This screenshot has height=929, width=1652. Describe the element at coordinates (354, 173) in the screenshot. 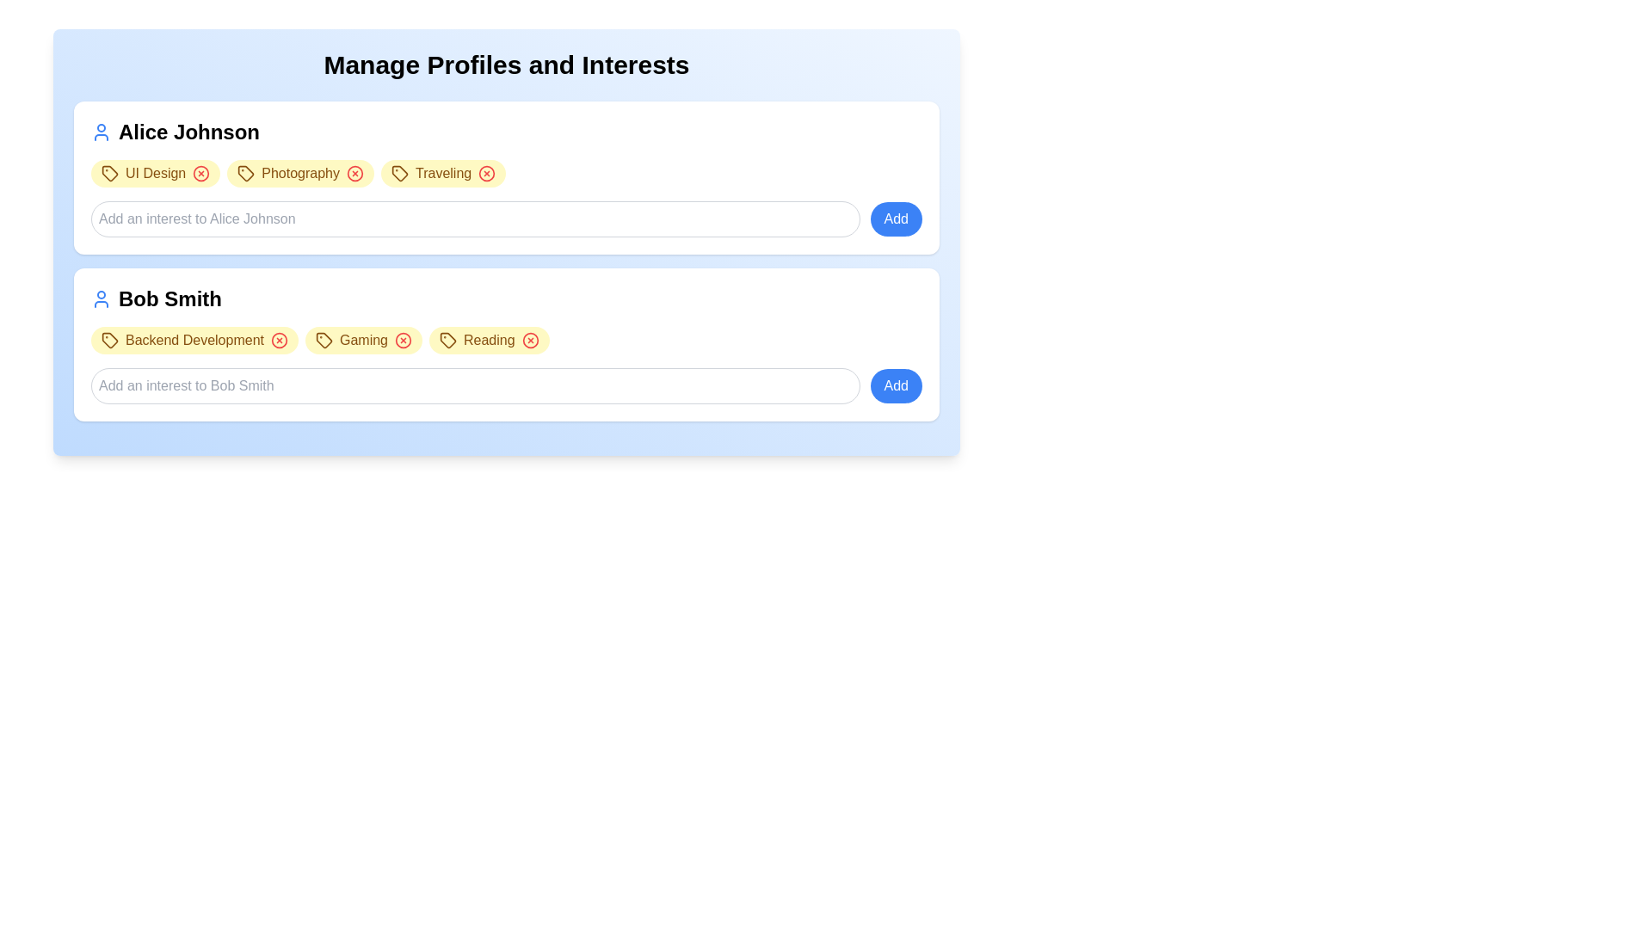

I see `the circular icon button with a red 'X' inside, located in the 'Photography' interest tags of the 'Alice Johnson' profile section` at that location.